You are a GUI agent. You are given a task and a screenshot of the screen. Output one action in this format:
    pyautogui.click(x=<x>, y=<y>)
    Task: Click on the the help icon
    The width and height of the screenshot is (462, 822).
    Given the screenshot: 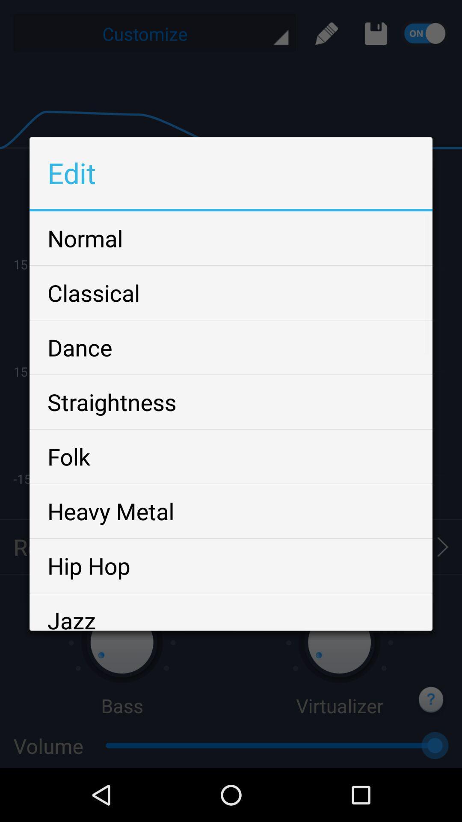 What is the action you would take?
    pyautogui.click(x=432, y=751)
    